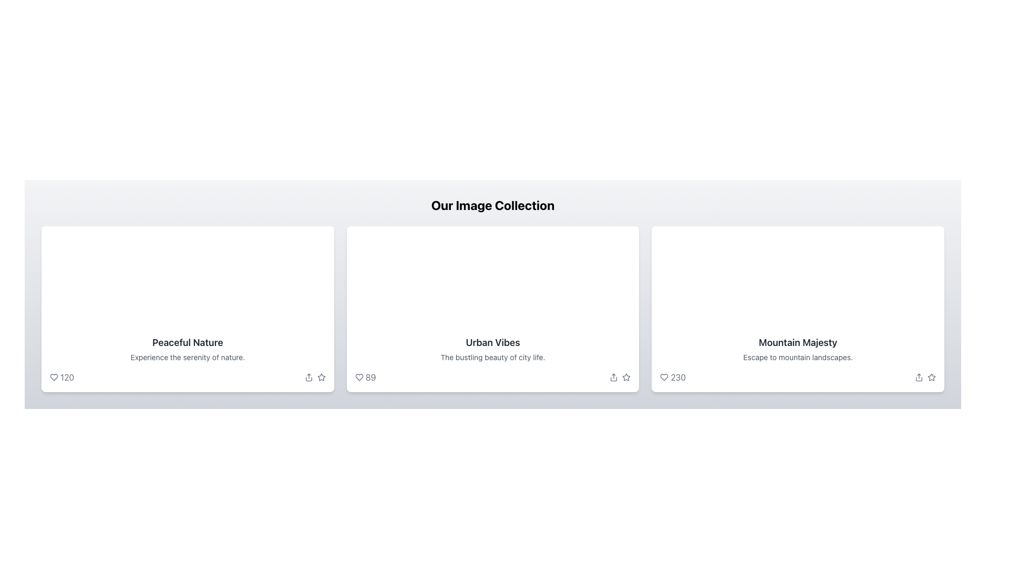  I want to click on the heart-shaped icon button for favoriting the 'Urban Vibes' item, so click(359, 376).